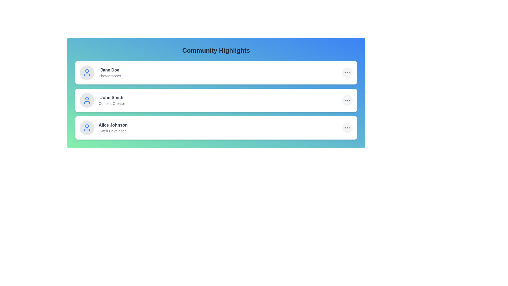 This screenshot has height=286, width=508. I want to click on the button located at the far-right end of the third card in the 'Community Highlights' section, which corresponds to 'Alice Johnson, Web Developer', so click(347, 128).